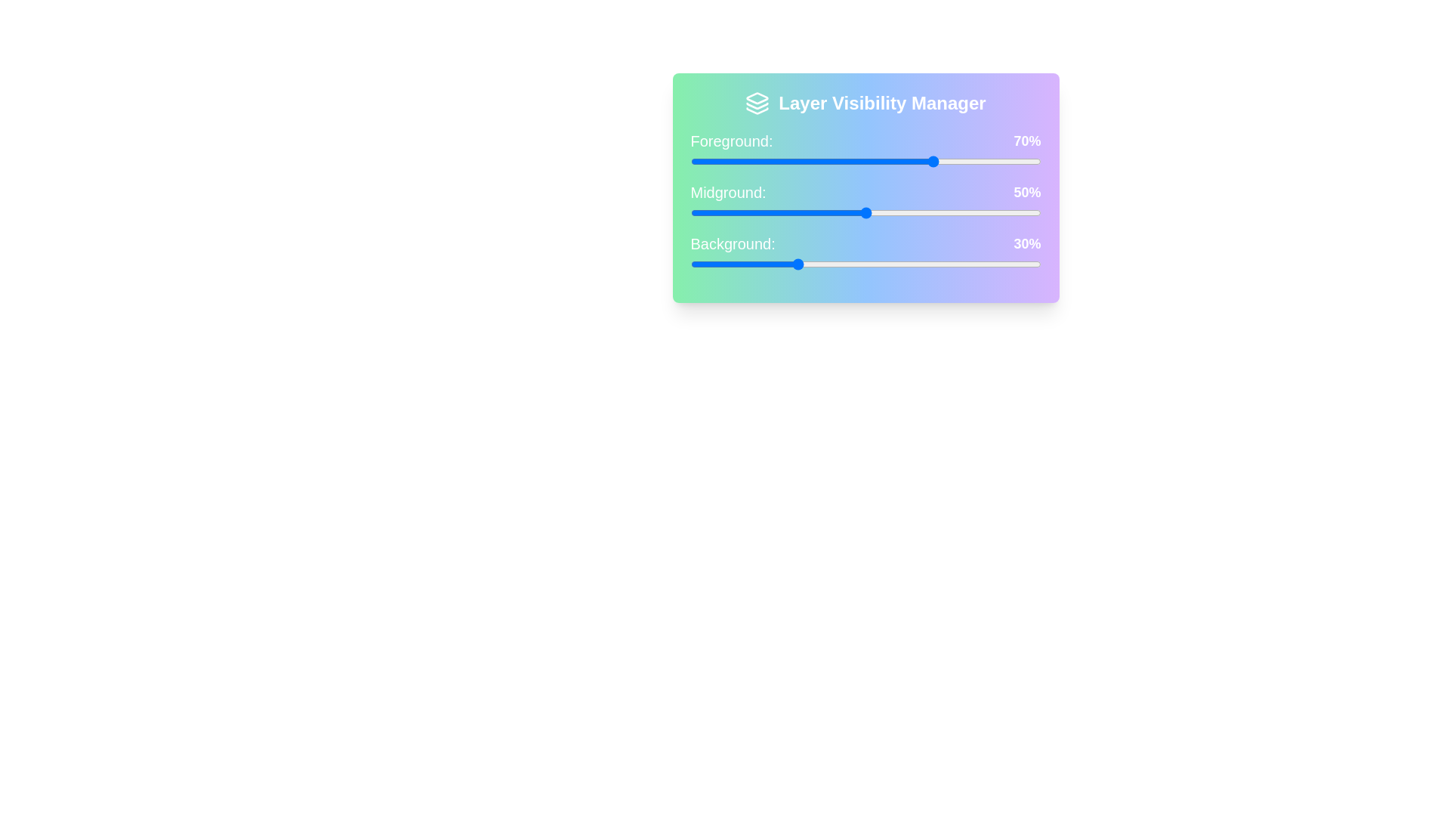 This screenshot has height=816, width=1450. Describe the element at coordinates (794, 264) in the screenshot. I see `the Background layer slider to 30% visibility` at that location.